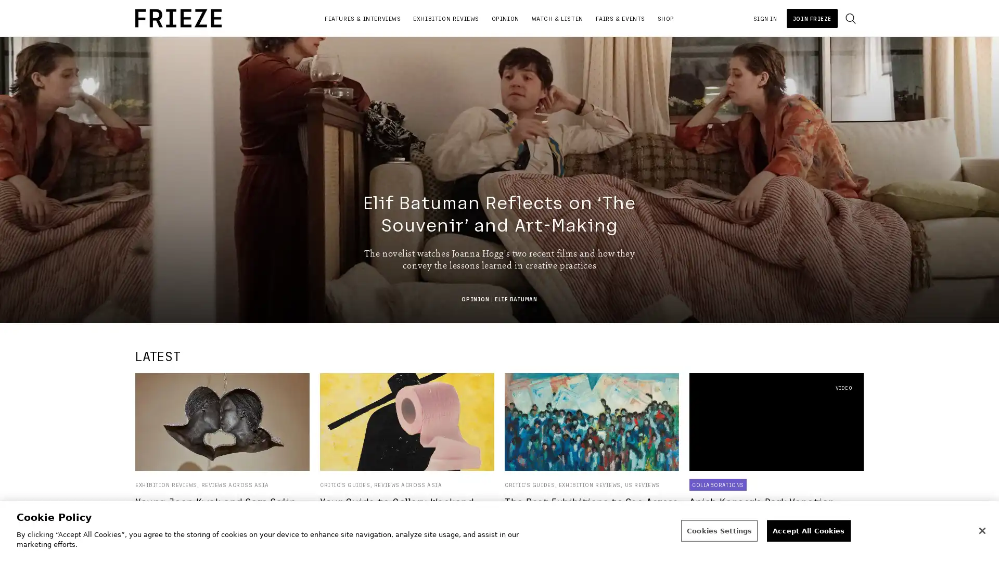 This screenshot has height=562, width=999. I want to click on Close, so click(981, 530).